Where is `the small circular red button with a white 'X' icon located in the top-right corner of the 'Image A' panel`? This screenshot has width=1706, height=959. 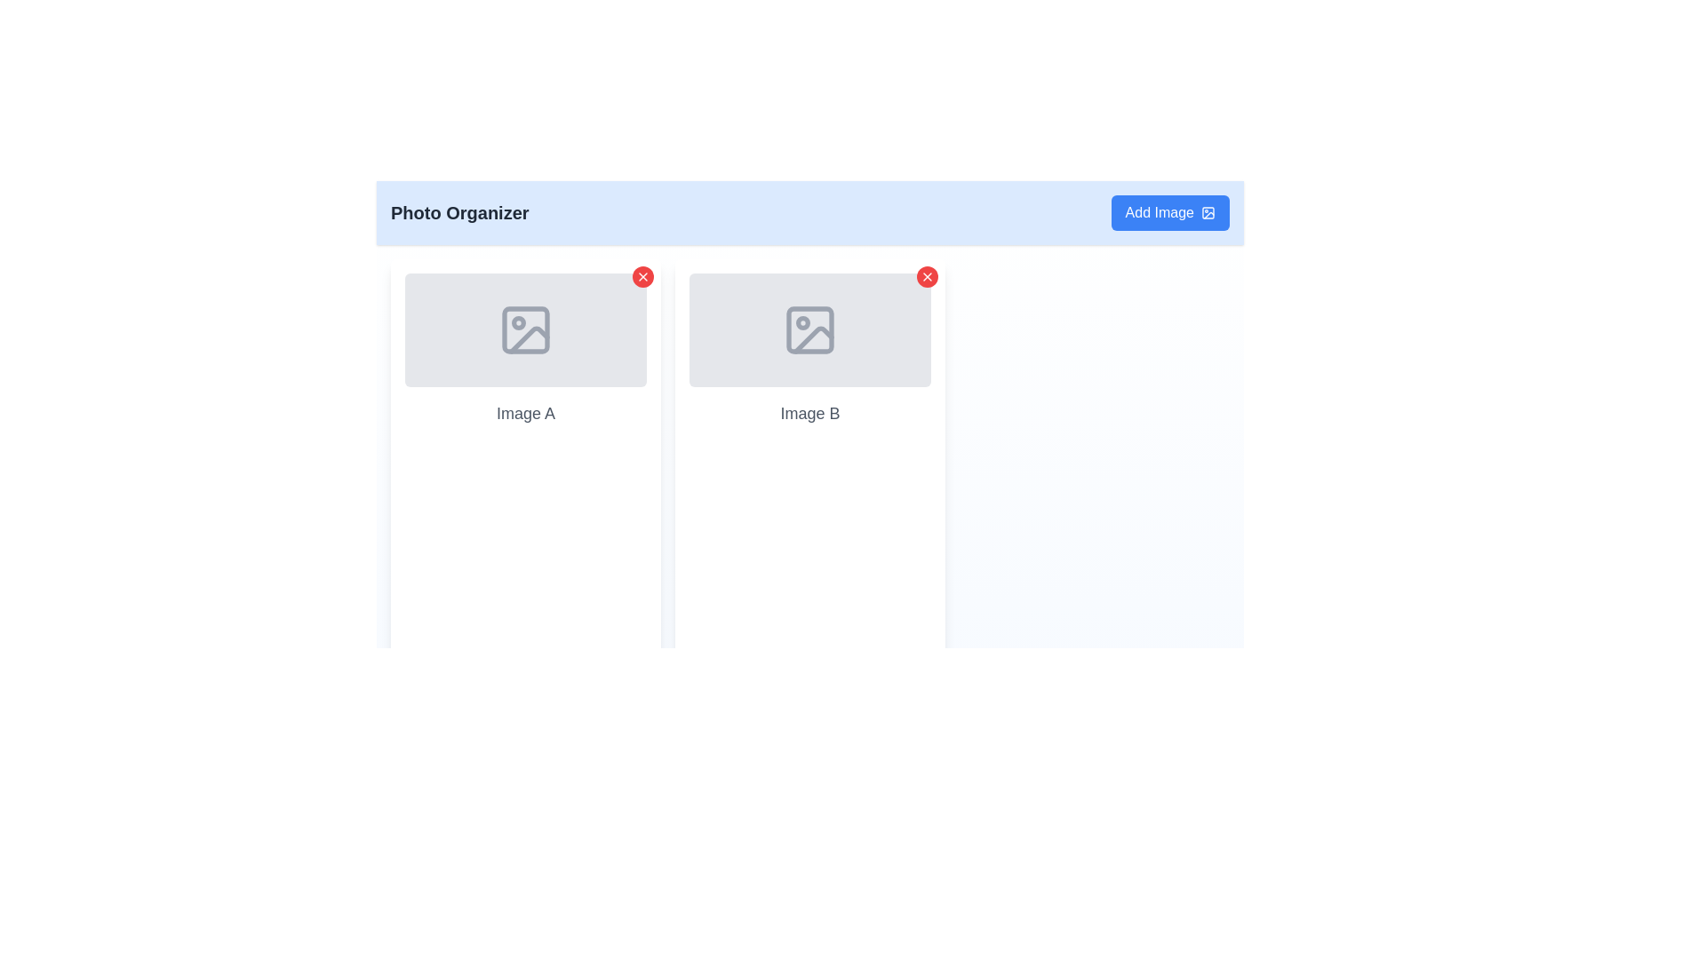
the small circular red button with a white 'X' icon located in the top-right corner of the 'Image A' panel is located at coordinates (642, 277).